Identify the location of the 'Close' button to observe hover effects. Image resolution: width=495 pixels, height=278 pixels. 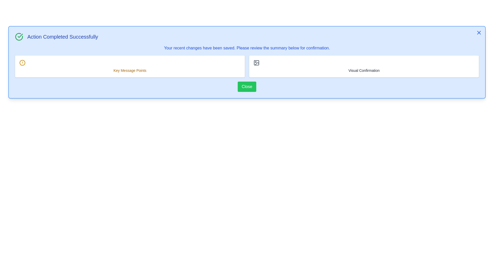
(247, 86).